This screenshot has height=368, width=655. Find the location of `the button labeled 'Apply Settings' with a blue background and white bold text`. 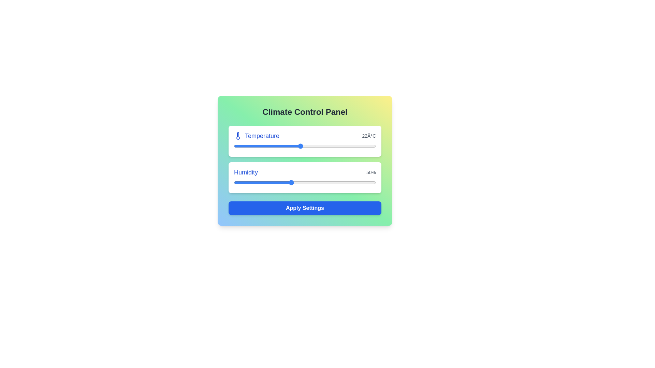

the button labeled 'Apply Settings' with a blue background and white bold text is located at coordinates (304, 208).